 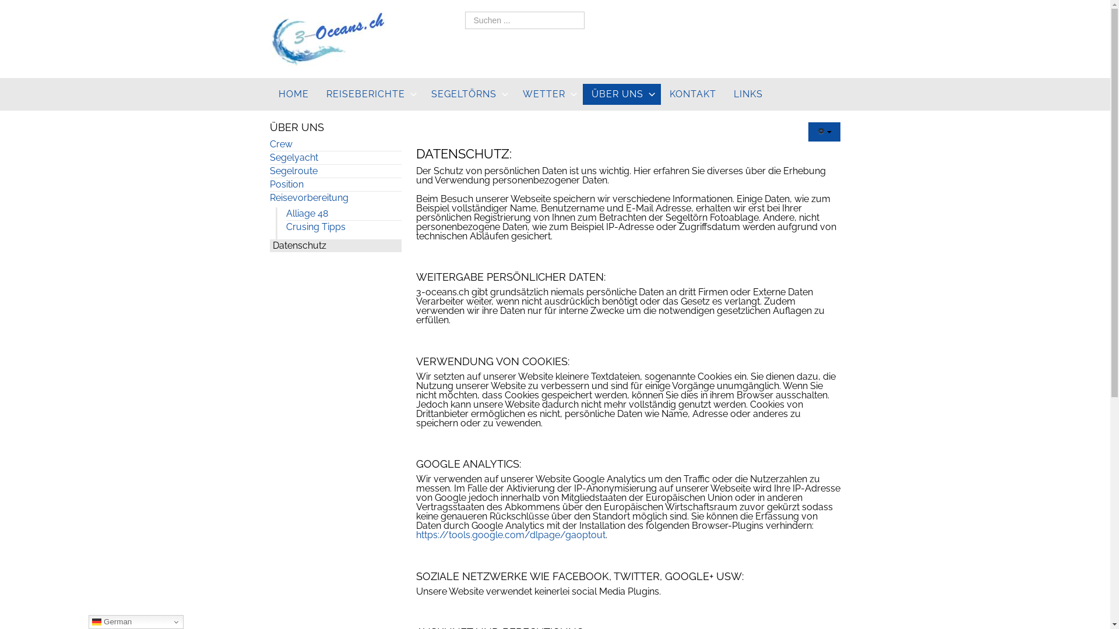 I want to click on '3-oceans.ch', so click(x=326, y=37).